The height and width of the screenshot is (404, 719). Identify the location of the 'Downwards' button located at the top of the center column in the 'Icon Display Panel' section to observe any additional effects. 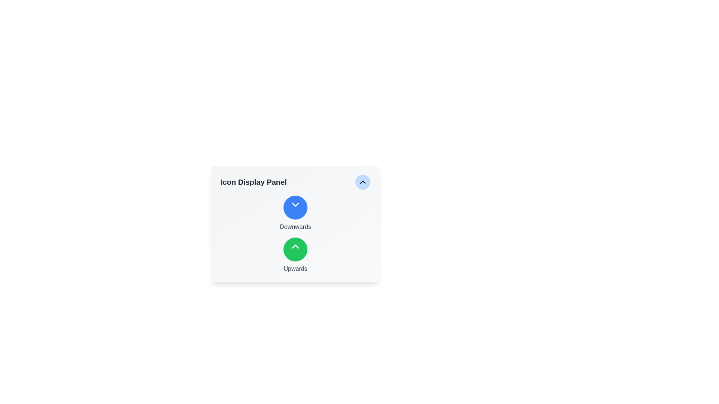
(295, 208).